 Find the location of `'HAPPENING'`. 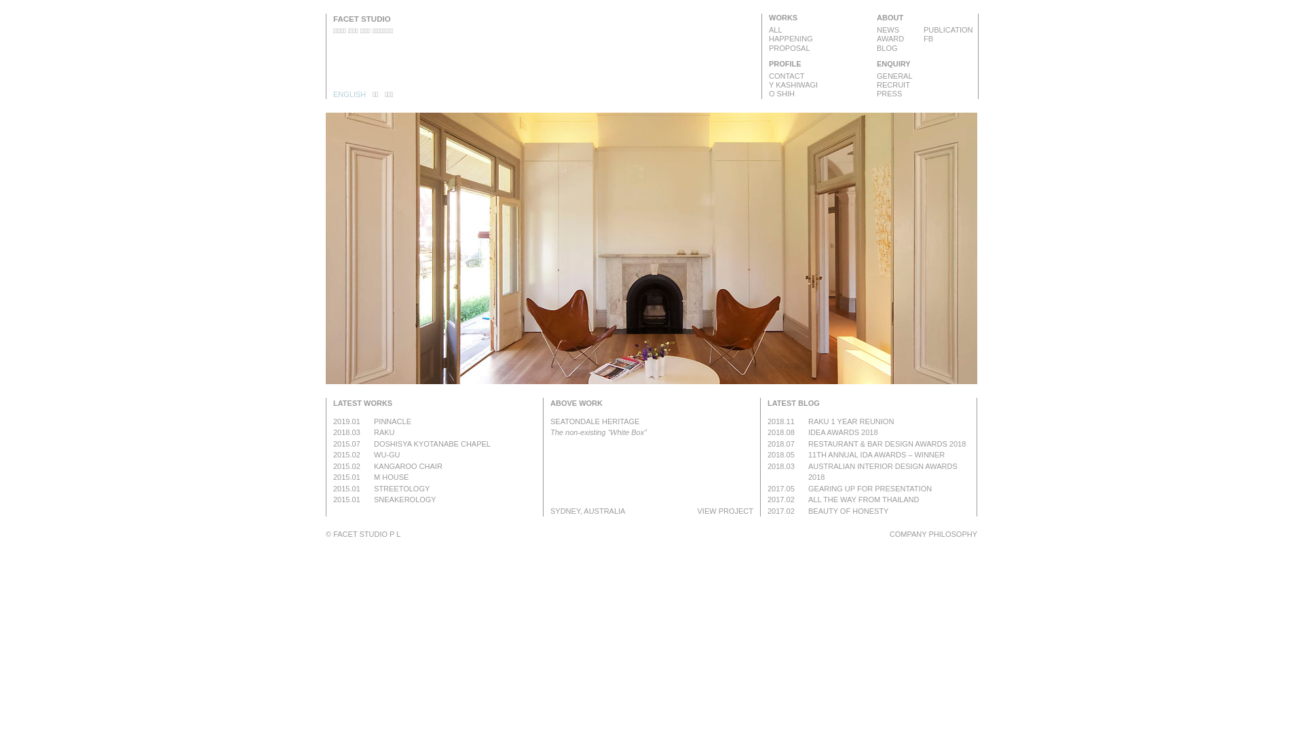

'HAPPENING' is located at coordinates (818, 38).